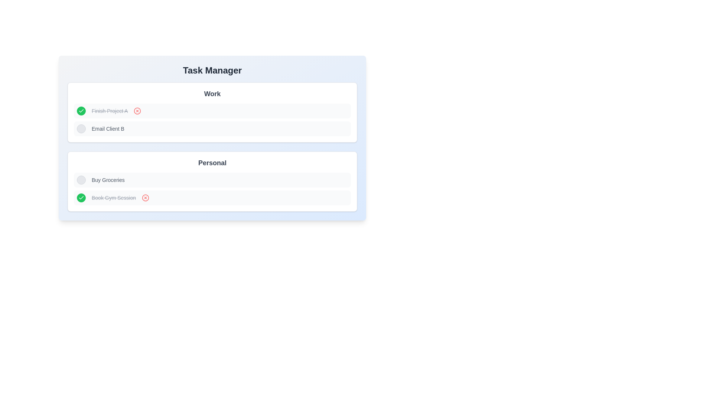 Image resolution: width=713 pixels, height=401 pixels. I want to click on the checkmark icon located in the 'Work' section, to the left of the task labeled 'Finish Project A', so click(81, 197).